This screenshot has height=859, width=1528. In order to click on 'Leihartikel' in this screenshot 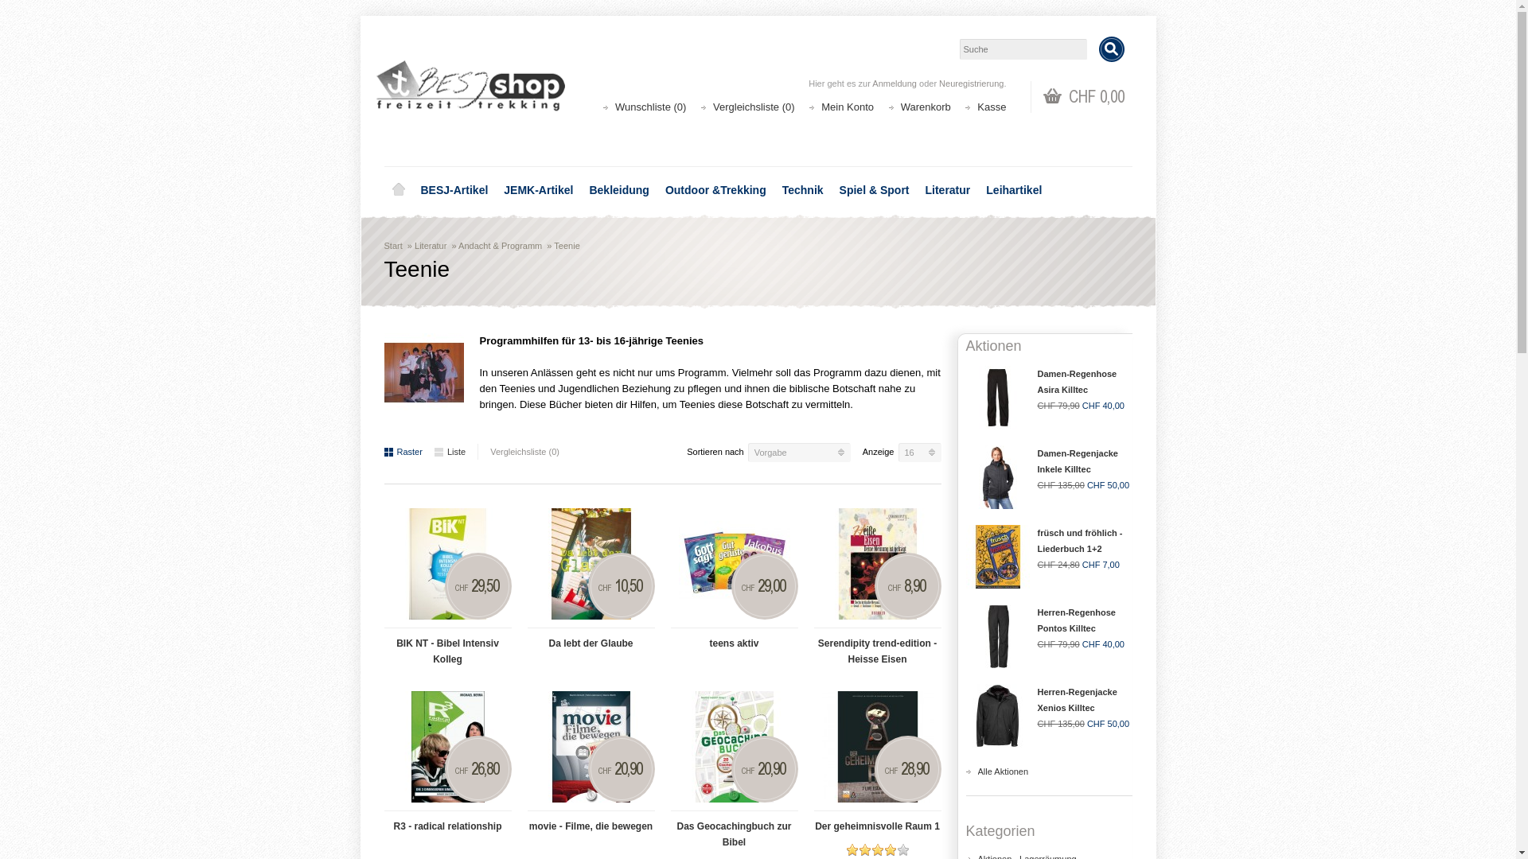, I will do `click(1012, 189)`.